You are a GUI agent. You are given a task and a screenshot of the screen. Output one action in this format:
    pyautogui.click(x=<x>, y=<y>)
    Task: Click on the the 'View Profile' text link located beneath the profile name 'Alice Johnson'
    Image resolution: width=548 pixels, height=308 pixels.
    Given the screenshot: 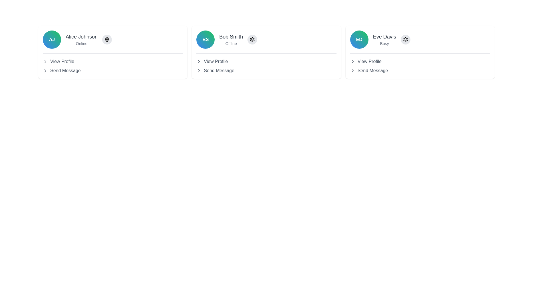 What is the action you would take?
    pyautogui.click(x=62, y=62)
    